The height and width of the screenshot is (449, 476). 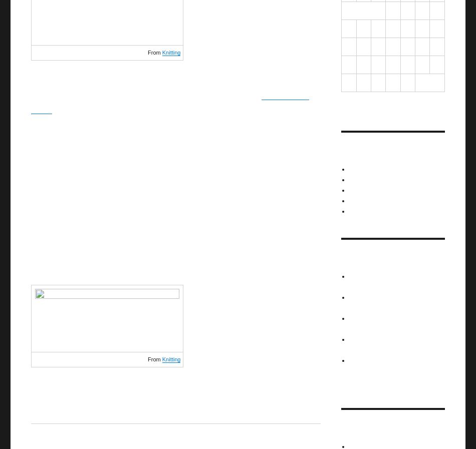 What do you see at coordinates (407, 64) in the screenshot?
I see `'23'` at bounding box center [407, 64].